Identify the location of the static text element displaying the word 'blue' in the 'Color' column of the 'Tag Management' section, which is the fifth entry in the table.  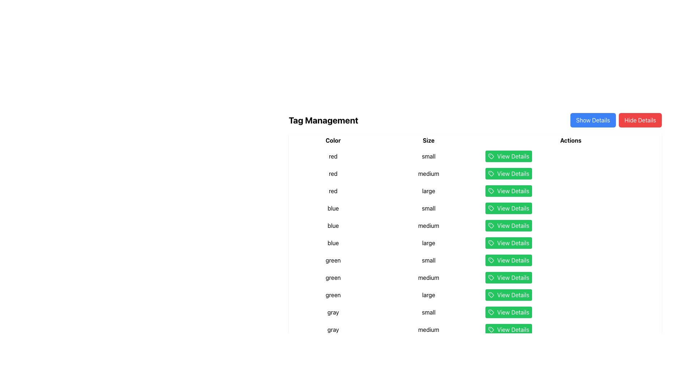
(333, 243).